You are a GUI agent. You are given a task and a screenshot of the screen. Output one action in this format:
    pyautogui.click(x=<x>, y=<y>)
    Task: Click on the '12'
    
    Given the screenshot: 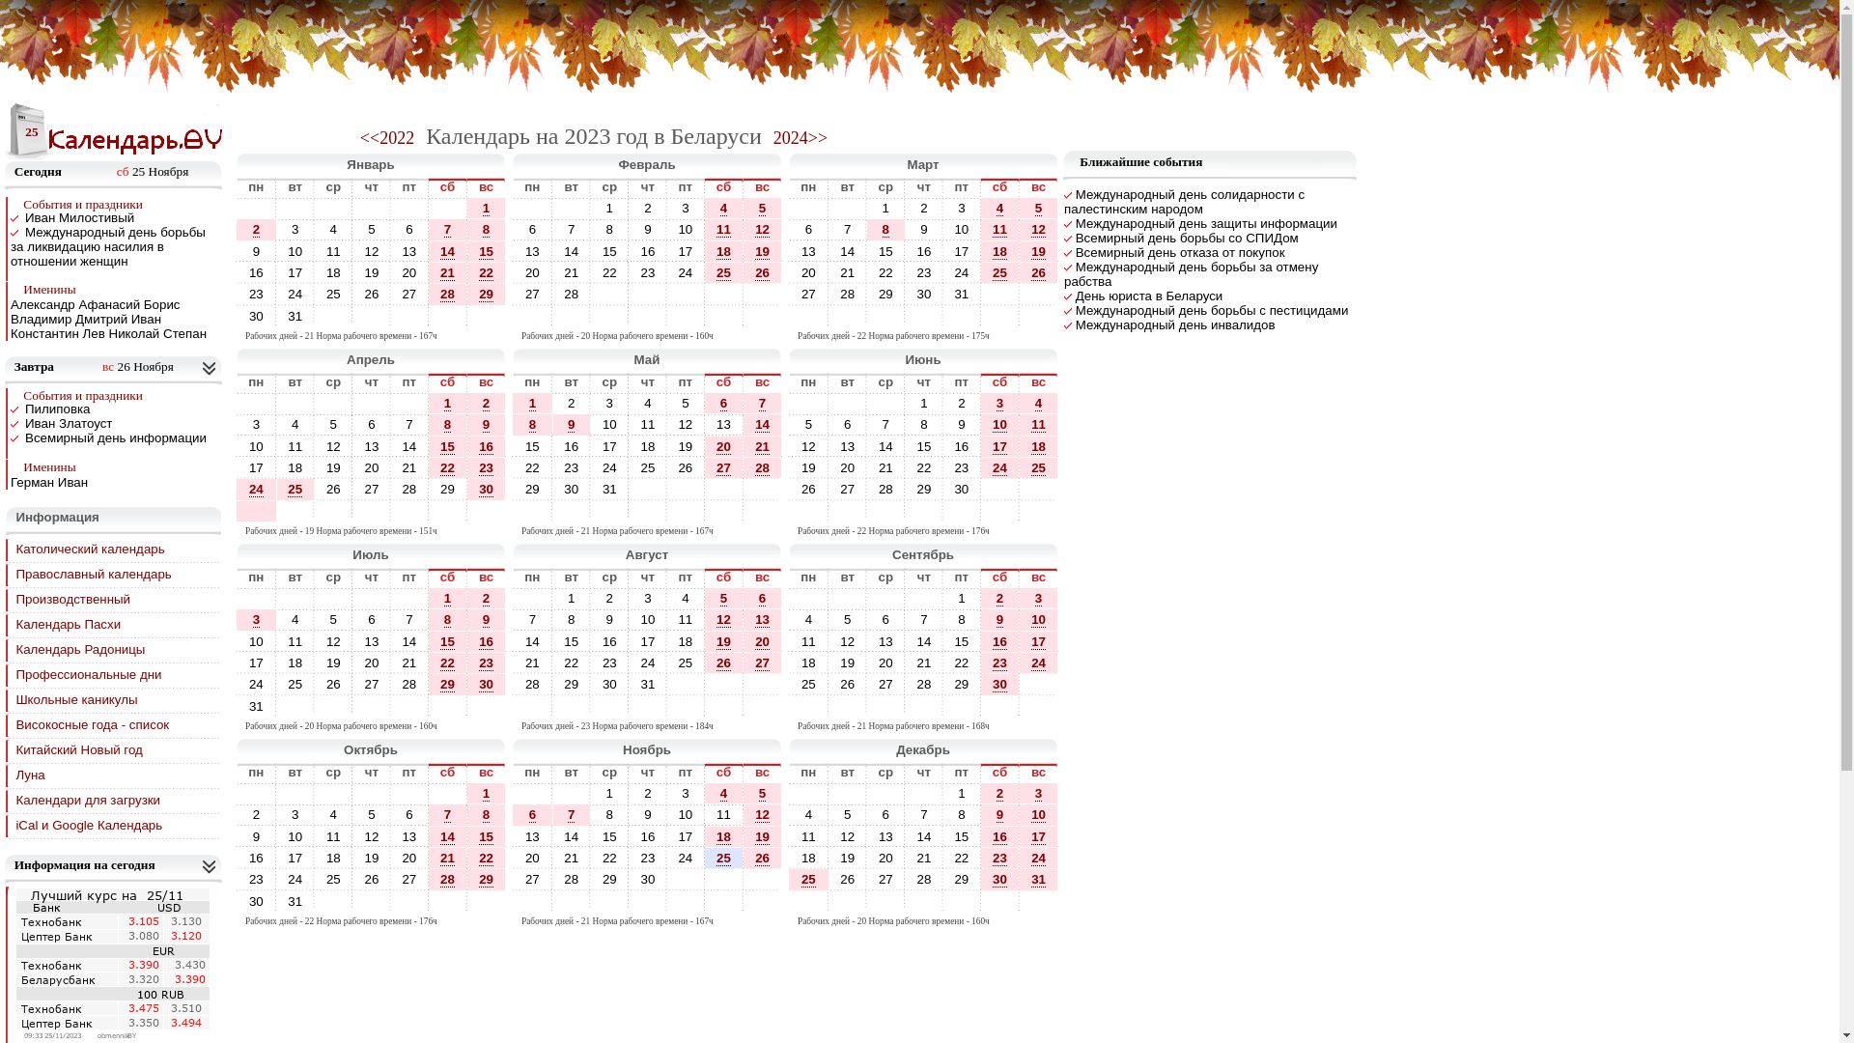 What is the action you would take?
    pyautogui.click(x=761, y=228)
    